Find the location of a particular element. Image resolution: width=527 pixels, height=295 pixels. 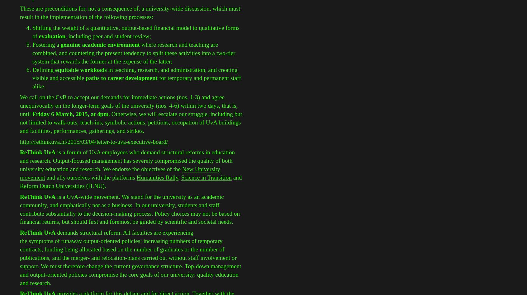

'Friday 6 March, 2015, at 4pm' is located at coordinates (70, 113).